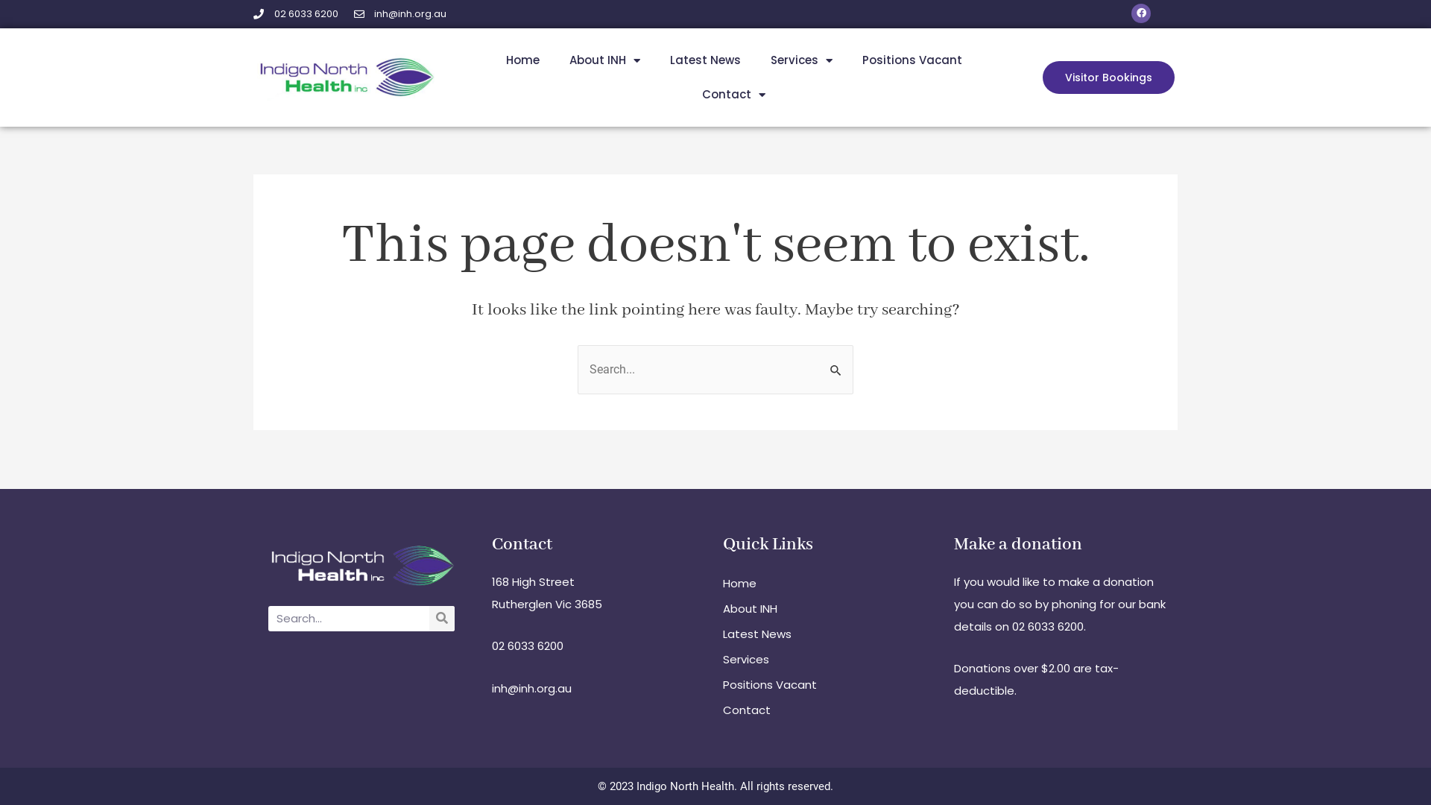 The height and width of the screenshot is (805, 1431). Describe the element at coordinates (1108, 78) in the screenshot. I see `'Visitor Bookings'` at that location.